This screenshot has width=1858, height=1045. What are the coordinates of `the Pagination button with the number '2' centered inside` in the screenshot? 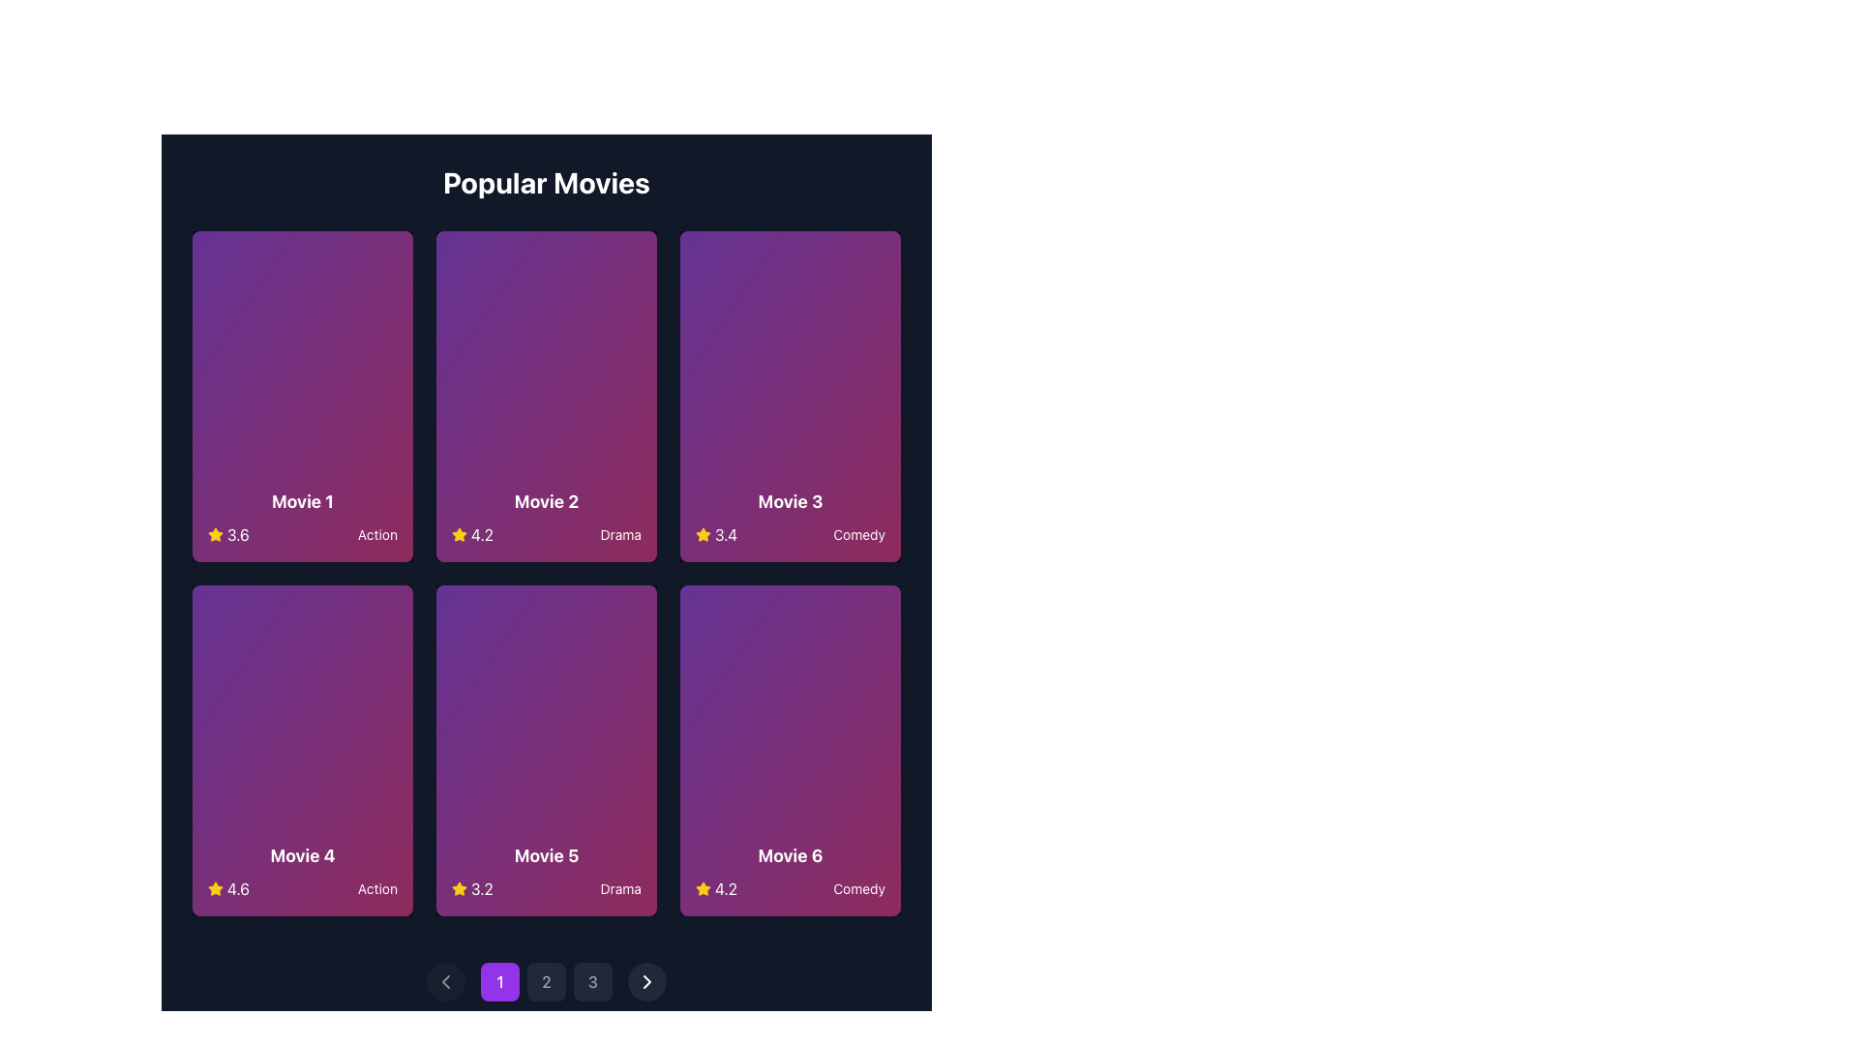 It's located at (546, 981).